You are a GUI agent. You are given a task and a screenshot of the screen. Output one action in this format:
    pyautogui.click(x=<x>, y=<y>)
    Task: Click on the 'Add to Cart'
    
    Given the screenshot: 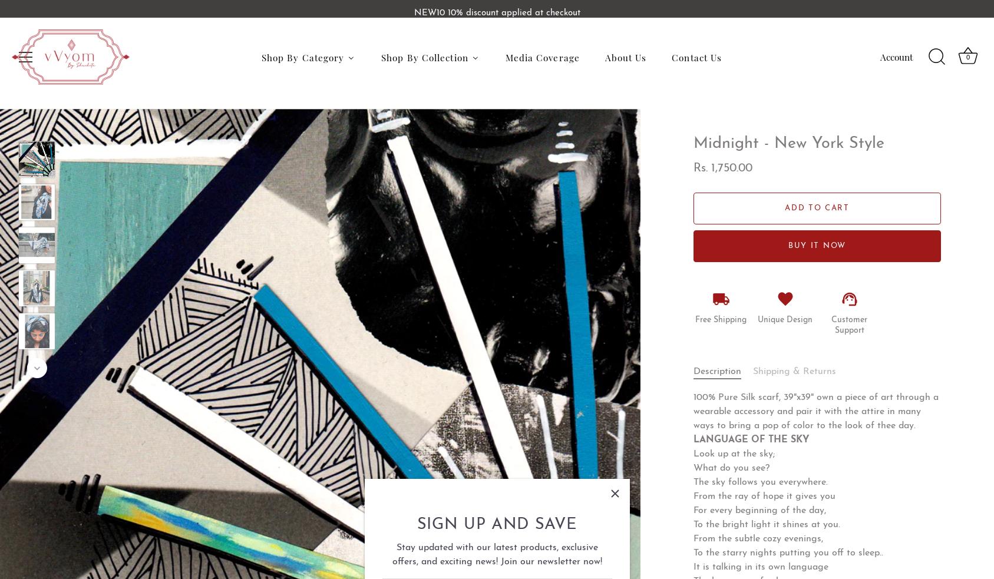 What is the action you would take?
    pyautogui.click(x=817, y=207)
    